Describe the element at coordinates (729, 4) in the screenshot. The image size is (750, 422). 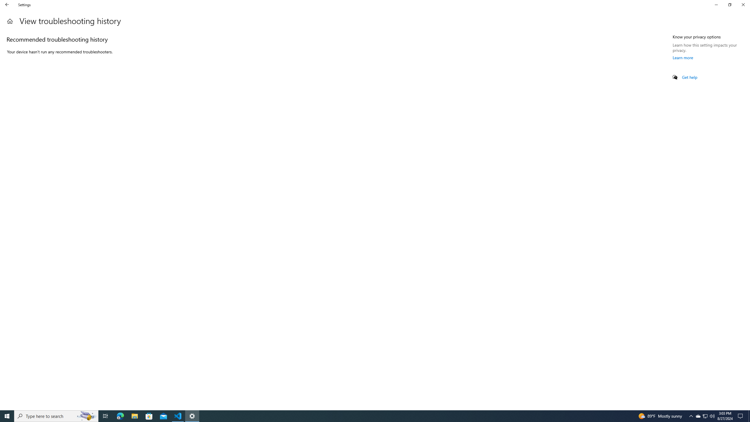
I see `'Restore Settings'` at that location.